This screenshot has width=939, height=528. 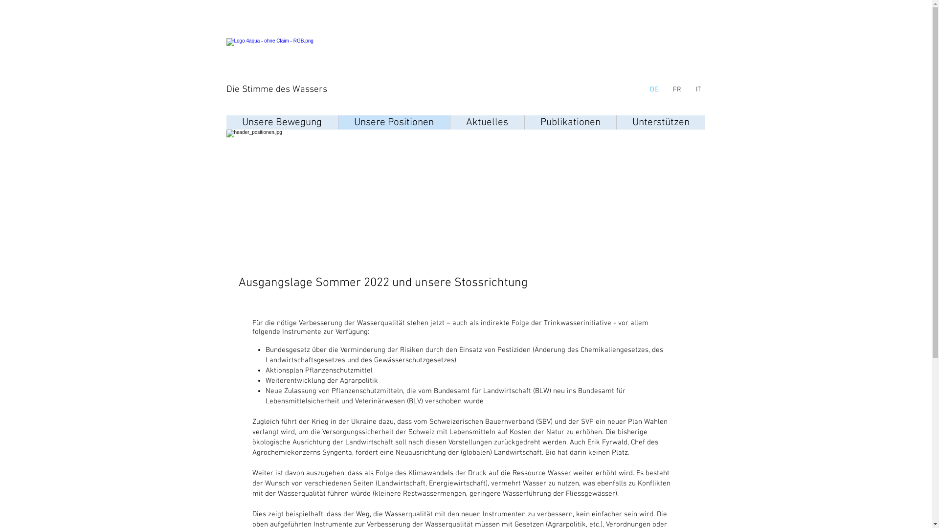 I want to click on 'Unsere Bewegung', so click(x=281, y=122).